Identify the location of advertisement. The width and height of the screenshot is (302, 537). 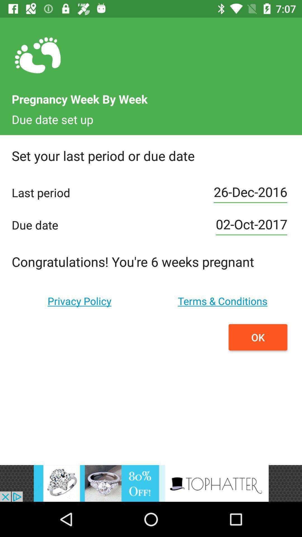
(151, 483).